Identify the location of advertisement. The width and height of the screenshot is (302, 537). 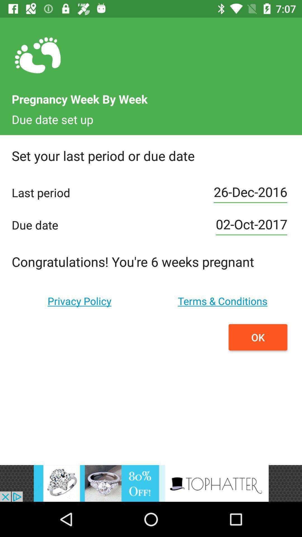
(151, 483).